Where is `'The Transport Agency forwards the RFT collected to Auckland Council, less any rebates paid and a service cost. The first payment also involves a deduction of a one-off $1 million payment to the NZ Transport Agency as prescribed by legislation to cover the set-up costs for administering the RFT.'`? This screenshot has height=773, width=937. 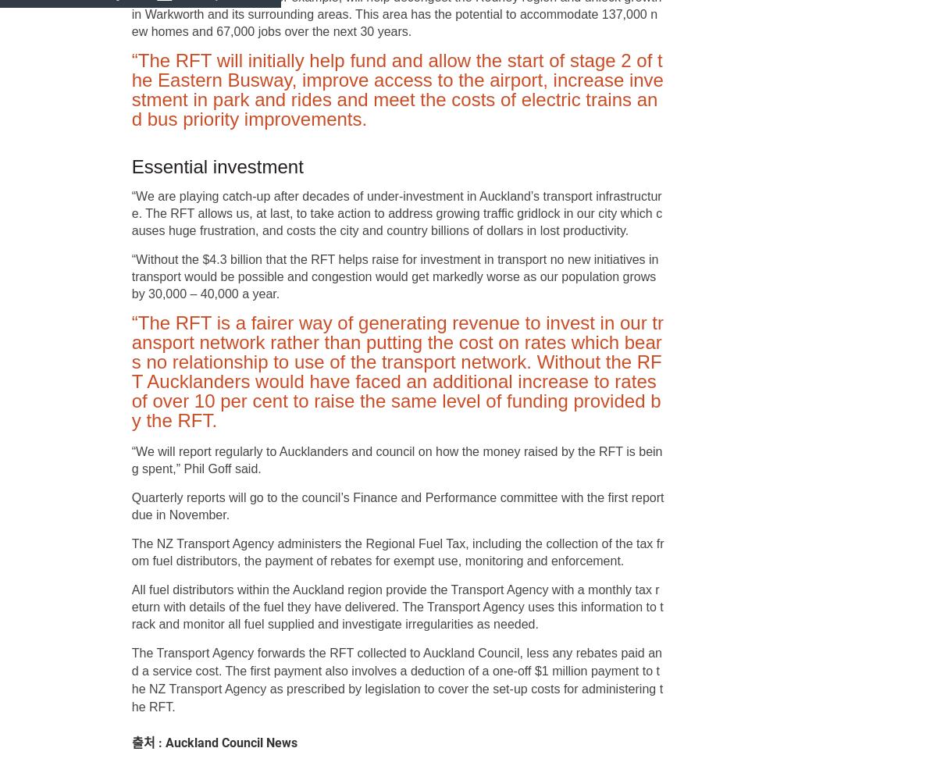
'The Transport Agency forwards the RFT collected to Auckland Council, less any rebates paid and a service cost. The first payment also involves a deduction of a one-off $1 million payment to the NZ Transport Agency as prescribed by legislation to cover the set-up costs for administering the RFT.' is located at coordinates (130, 680).